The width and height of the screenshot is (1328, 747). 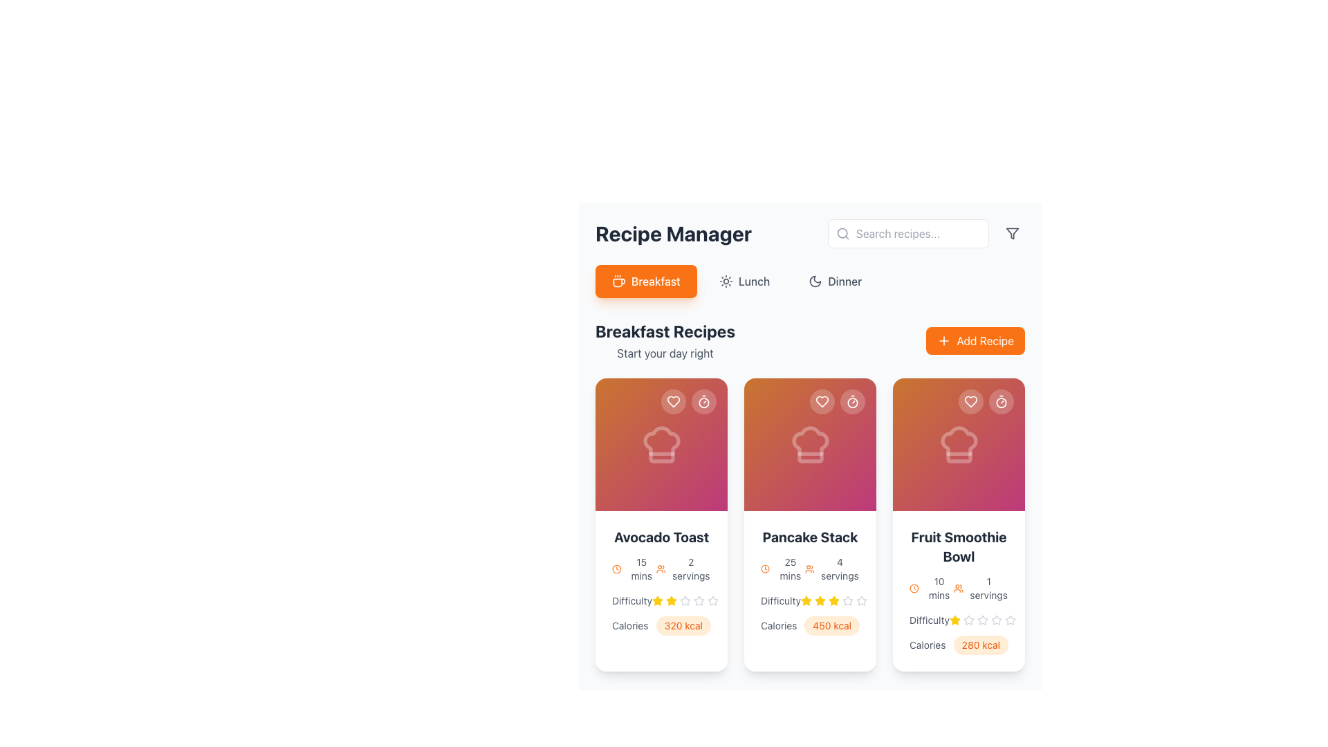 What do you see at coordinates (1013, 233) in the screenshot?
I see `the gray funnel icon, which represents a filtering mechanism` at bounding box center [1013, 233].